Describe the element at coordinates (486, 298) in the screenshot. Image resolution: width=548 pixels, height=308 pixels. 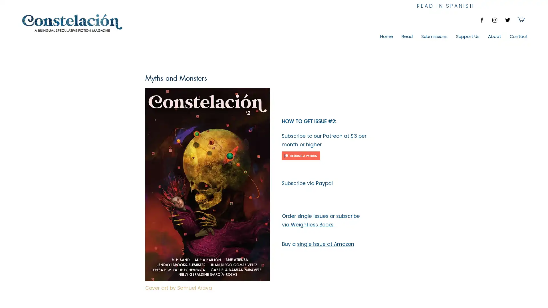
I see `Cookie Settings` at that location.